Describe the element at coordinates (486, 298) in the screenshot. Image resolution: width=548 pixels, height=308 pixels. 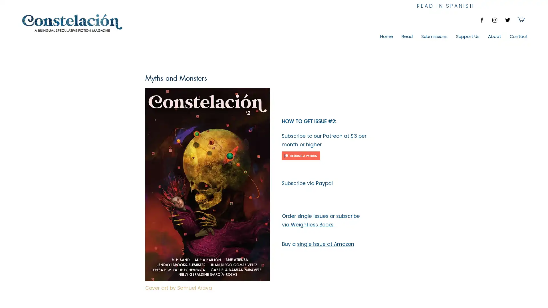
I see `Cookie Settings` at that location.